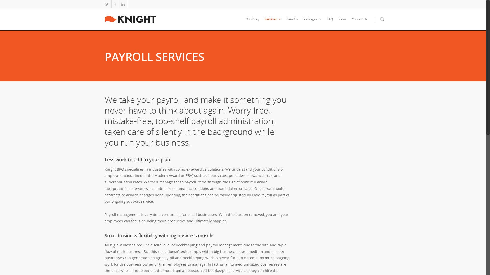  What do you see at coordinates (252, 22) in the screenshot?
I see `'Our Story'` at bounding box center [252, 22].